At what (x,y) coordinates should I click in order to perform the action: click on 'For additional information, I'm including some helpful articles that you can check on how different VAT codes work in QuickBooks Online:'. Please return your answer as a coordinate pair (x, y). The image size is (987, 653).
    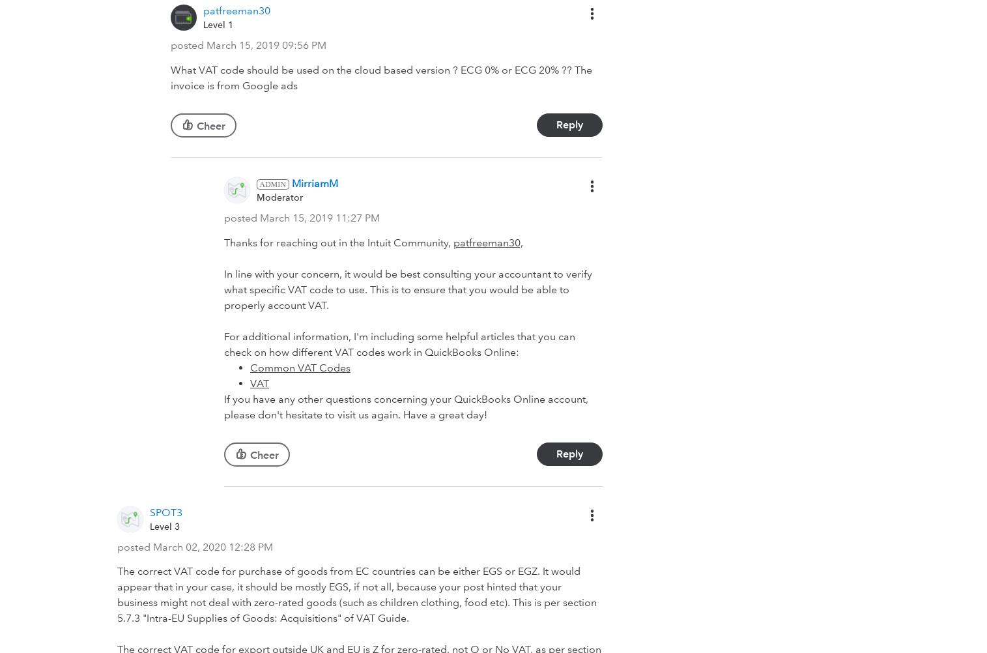
    Looking at the image, I should click on (399, 343).